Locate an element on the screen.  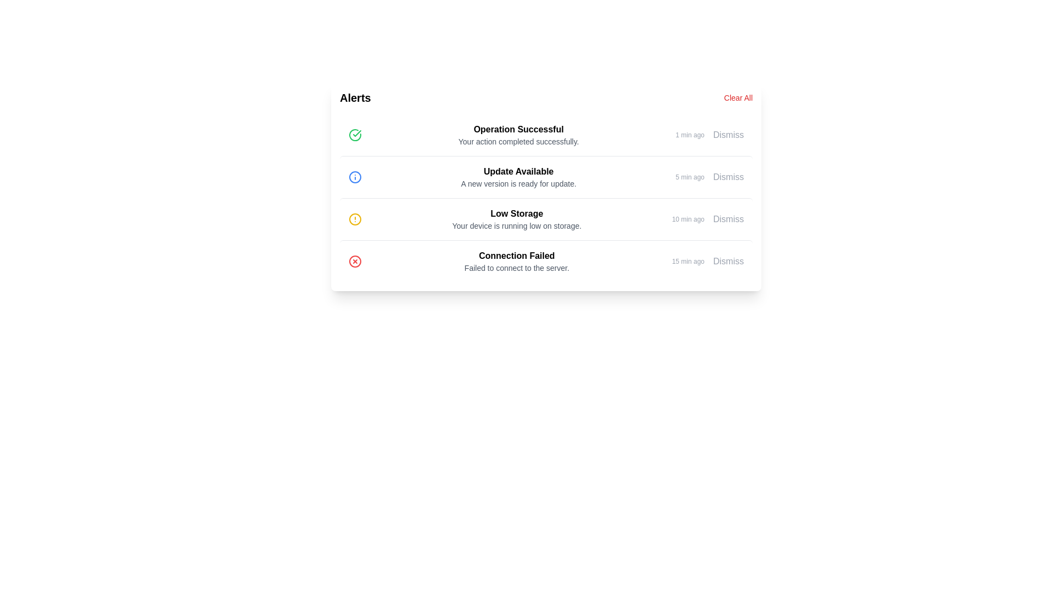
the green circular icon with a checkmark indicating a successful operation, located in the top notification card aligned with the text 'Operation Successful' is located at coordinates (355, 134).